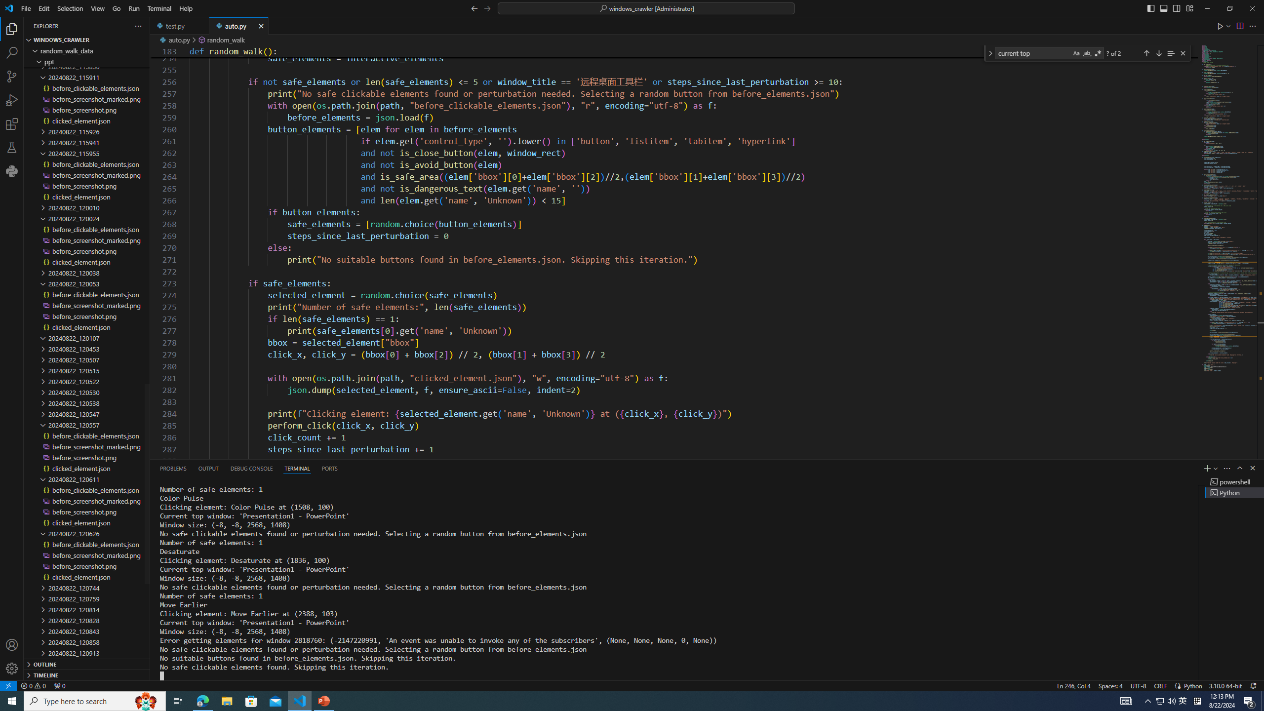 Image resolution: width=1264 pixels, height=711 pixels. Describe the element at coordinates (1145, 53) in the screenshot. I see `'Previous Match (Shift+Enter)'` at that location.